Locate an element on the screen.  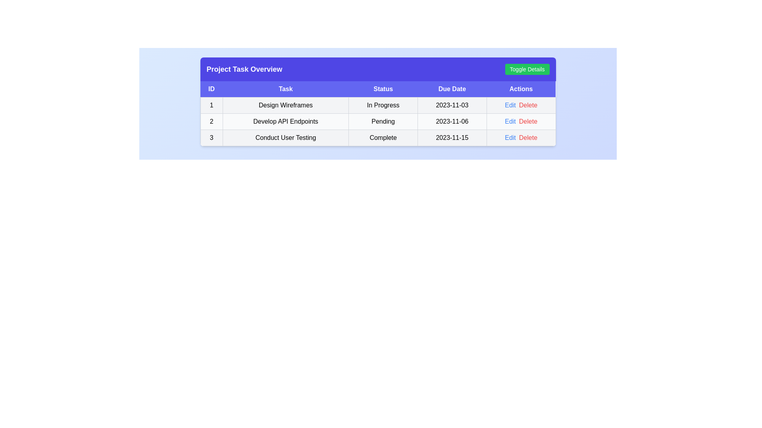
the 'Delete' button for task 3 is located at coordinates (528, 137).